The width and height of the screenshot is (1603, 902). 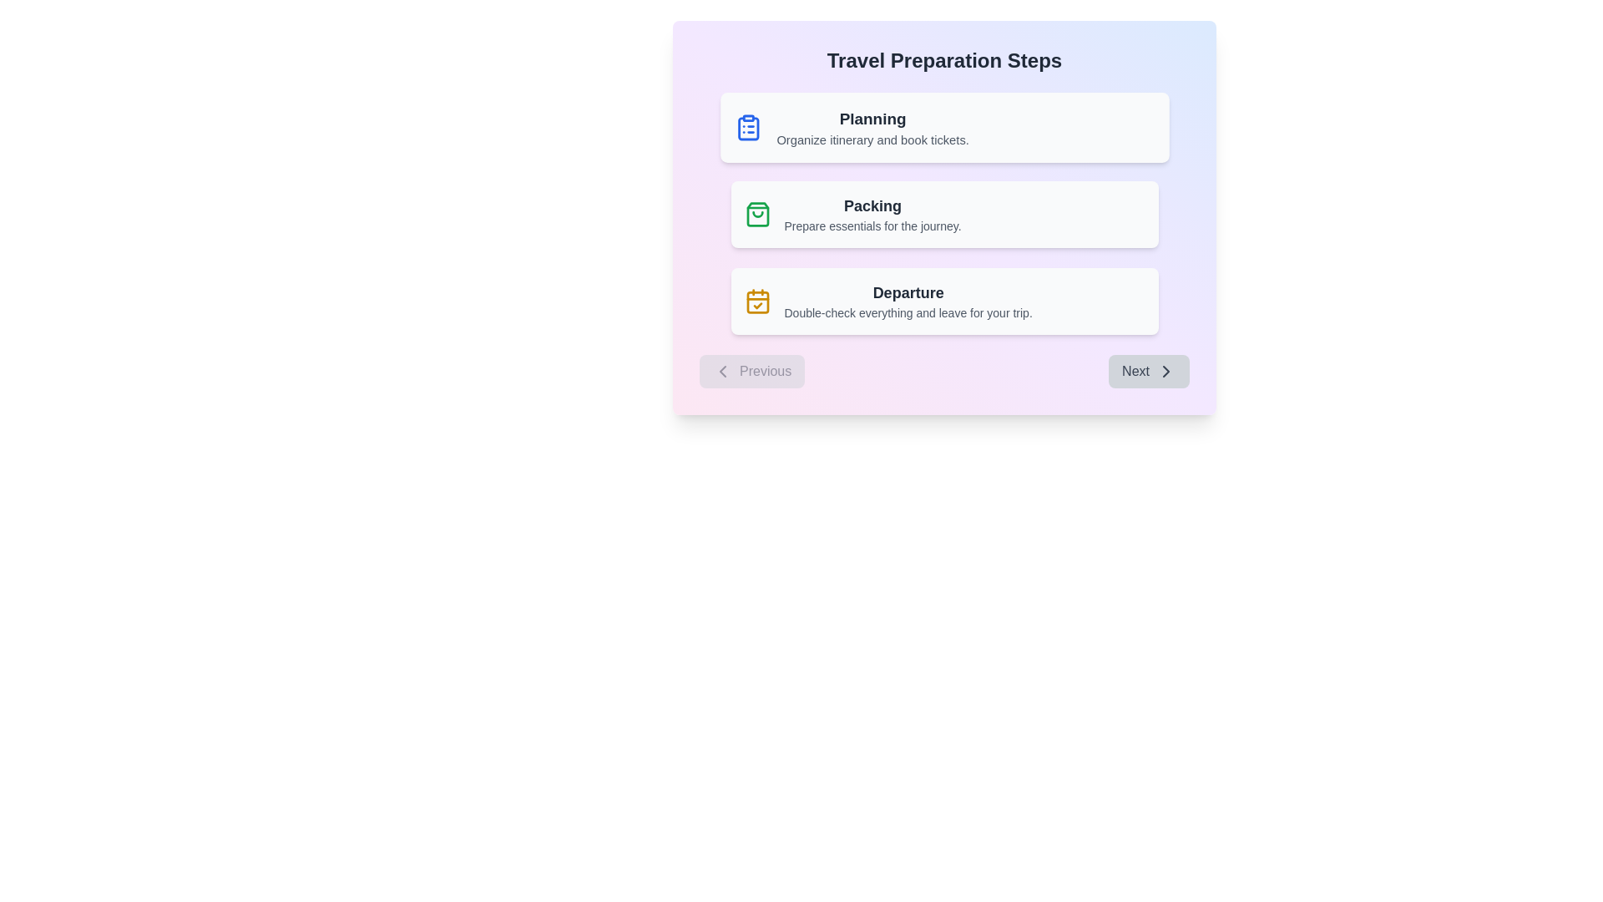 What do you see at coordinates (1148, 370) in the screenshot?
I see `the 'Next' button, a rectangular button with a light gray background and rounded corners, containing the text 'Next' in bold gray letters, located at the bottom-right corner of a card` at bounding box center [1148, 370].